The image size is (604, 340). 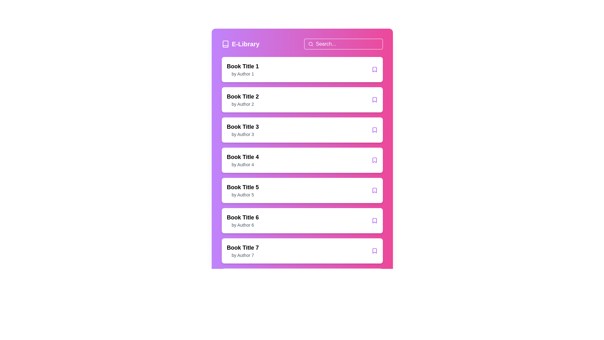 I want to click on the text label that provides information about the book's author, located directly beneath 'Book Title 7' in the card representing the book entry, so click(x=242, y=255).